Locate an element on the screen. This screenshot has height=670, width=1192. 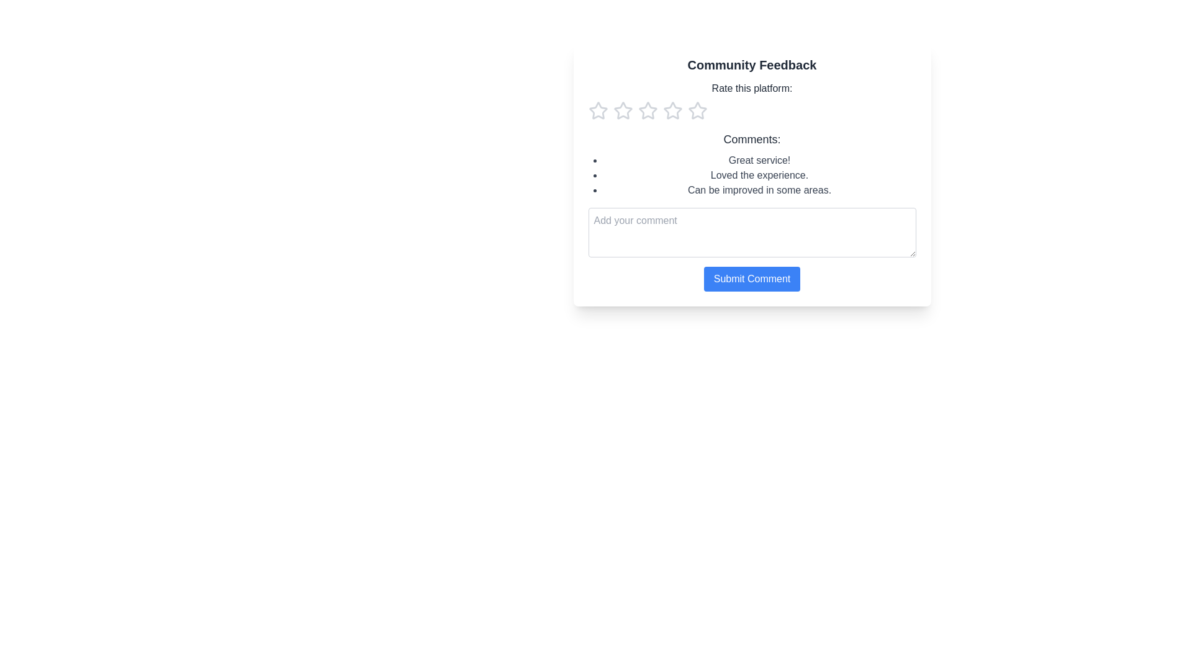
a star in the rating section of the 'Community Feedback' card is located at coordinates (751, 100).